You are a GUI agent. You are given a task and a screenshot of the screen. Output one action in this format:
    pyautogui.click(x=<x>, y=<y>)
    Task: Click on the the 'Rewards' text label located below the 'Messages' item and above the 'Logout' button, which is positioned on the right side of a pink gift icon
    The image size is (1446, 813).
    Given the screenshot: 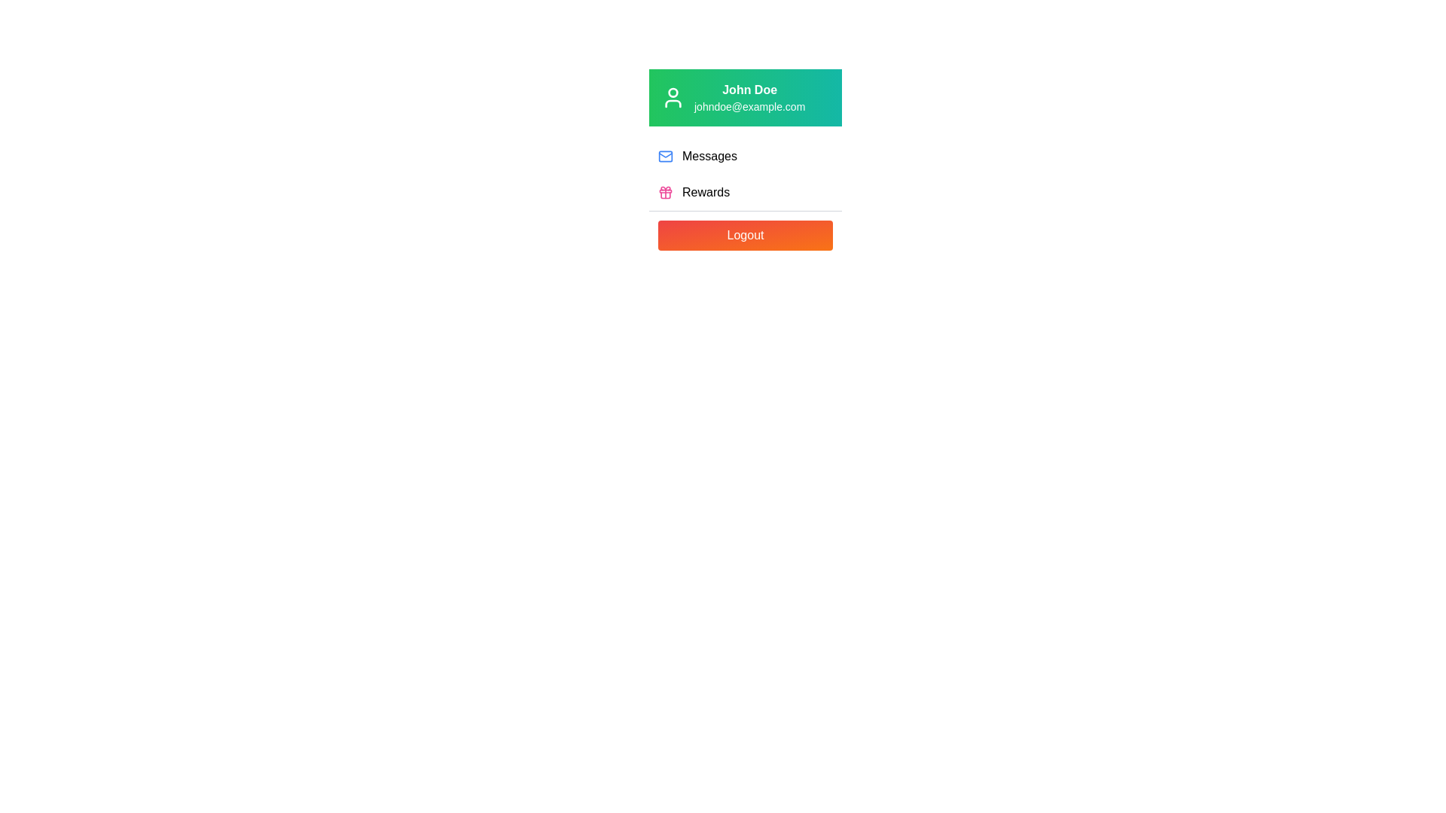 What is the action you would take?
    pyautogui.click(x=705, y=191)
    